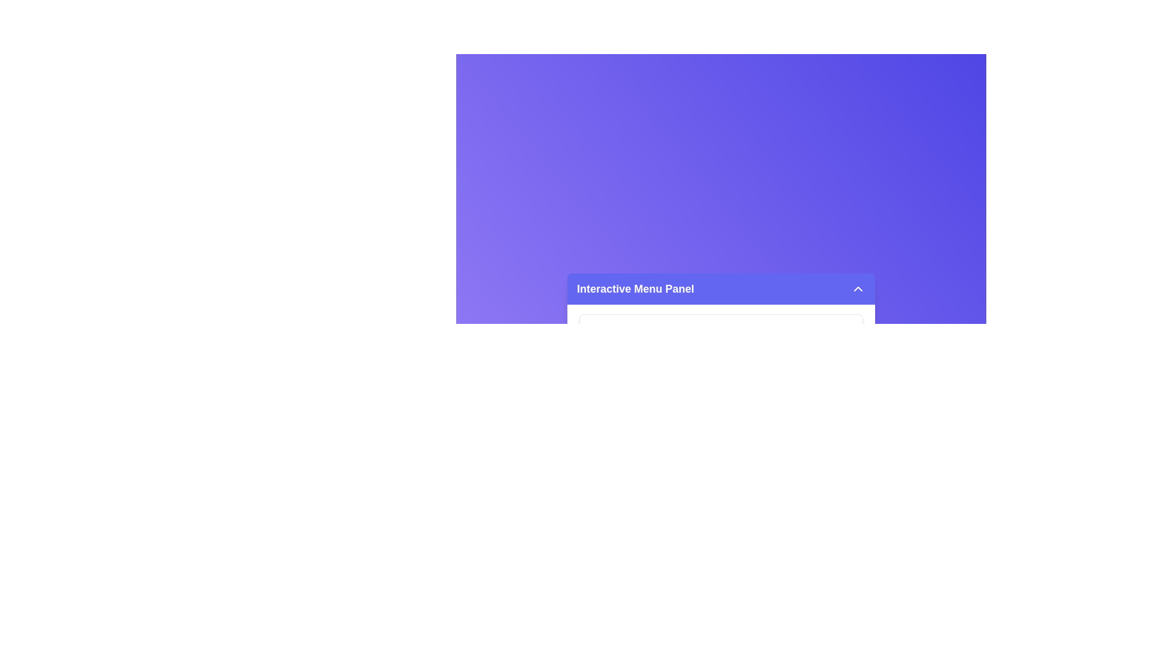 This screenshot has height=649, width=1154. Describe the element at coordinates (858, 289) in the screenshot. I see `the toggle button in the header of the menu` at that location.